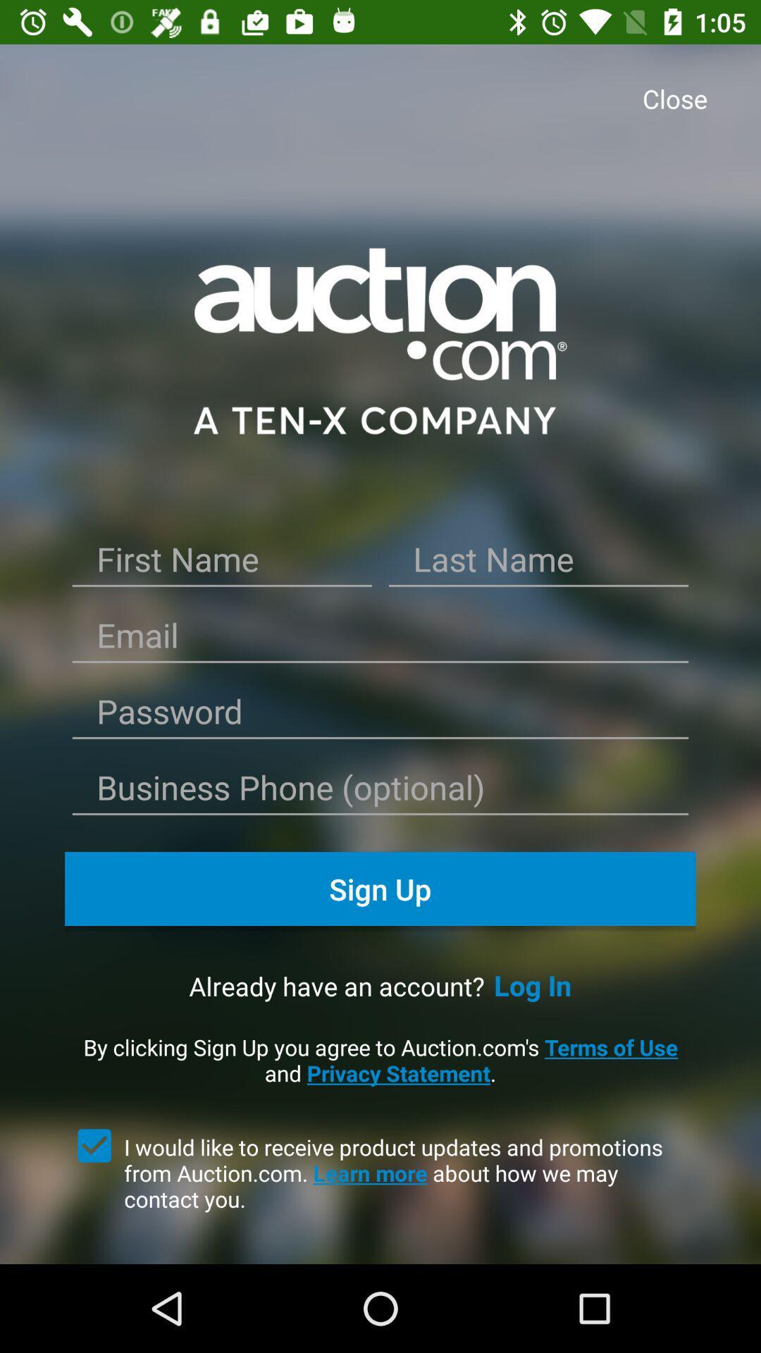 The height and width of the screenshot is (1353, 761). I want to click on icon next to the i would like icon, so click(94, 1146).